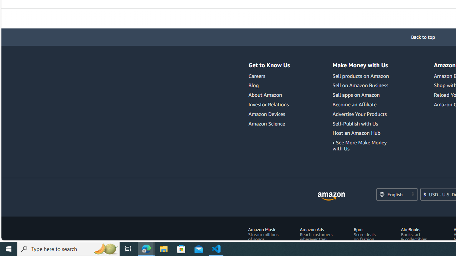  I want to click on 'Advertise Your Products', so click(359, 113).